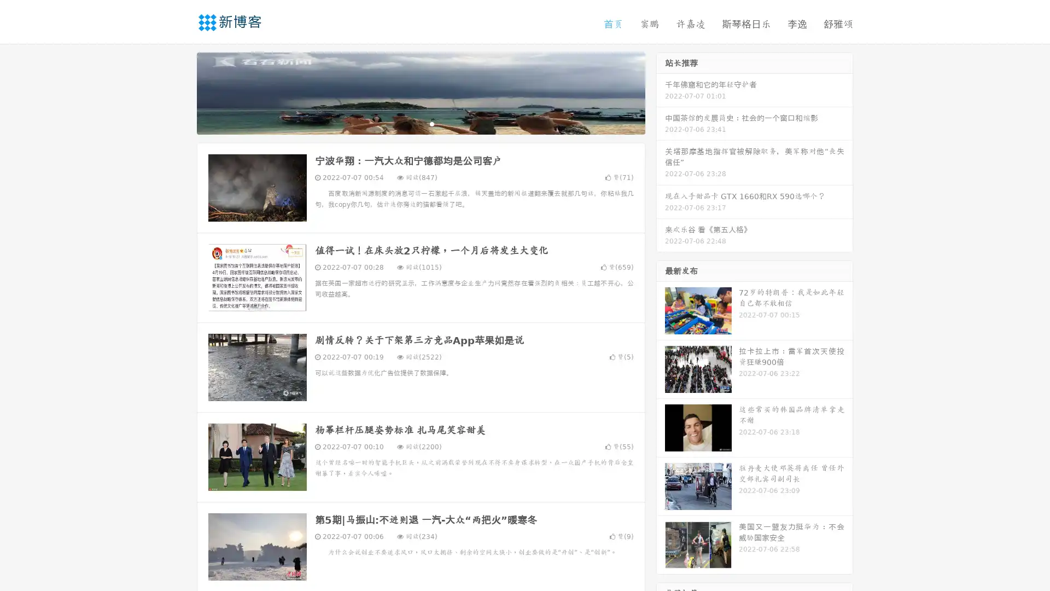 The width and height of the screenshot is (1050, 591). Describe the element at coordinates (431, 123) in the screenshot. I see `Go to slide 3` at that location.